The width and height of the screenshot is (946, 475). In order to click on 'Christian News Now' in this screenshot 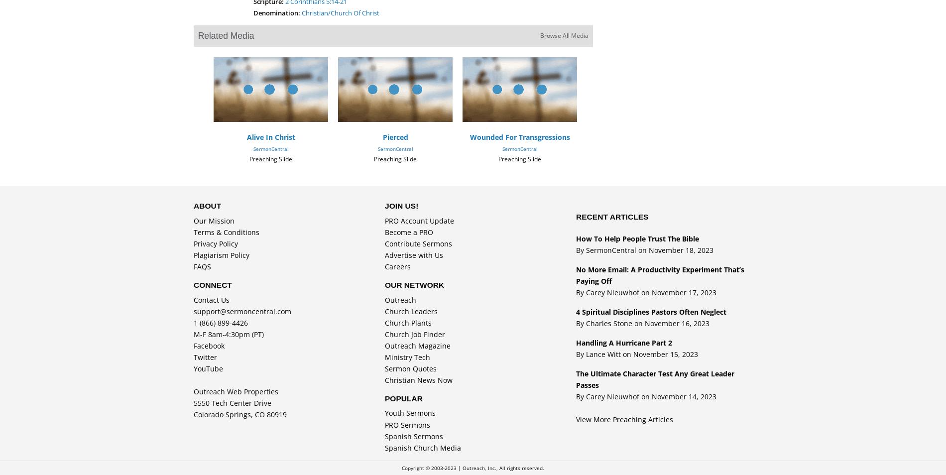, I will do `click(418, 380)`.